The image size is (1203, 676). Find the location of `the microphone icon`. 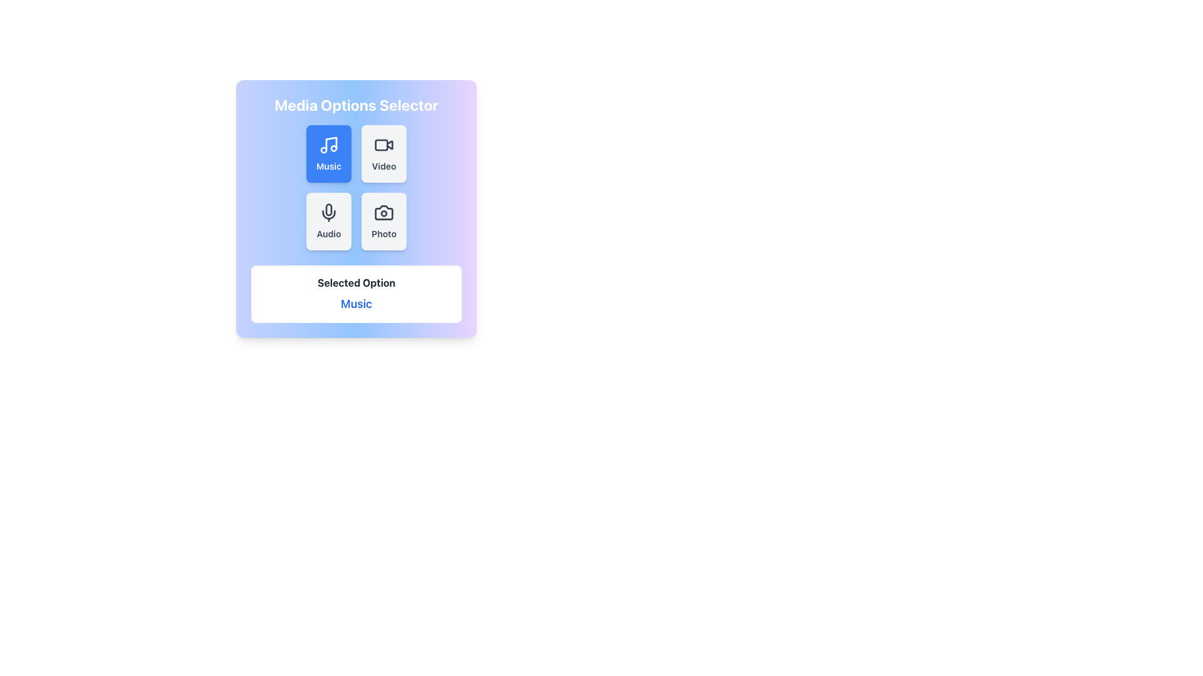

the microphone icon is located at coordinates (328, 212).